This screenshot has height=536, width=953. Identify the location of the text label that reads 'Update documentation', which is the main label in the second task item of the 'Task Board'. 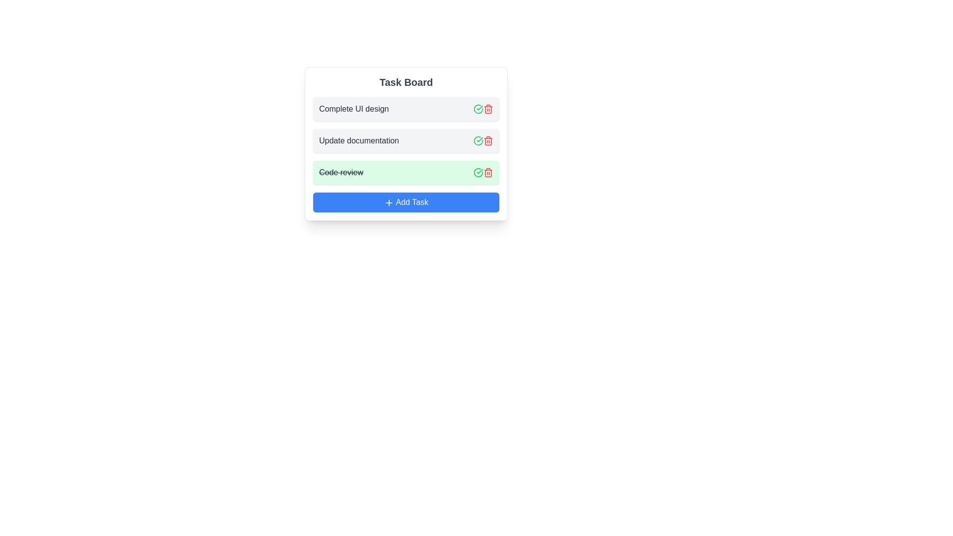
(396, 141).